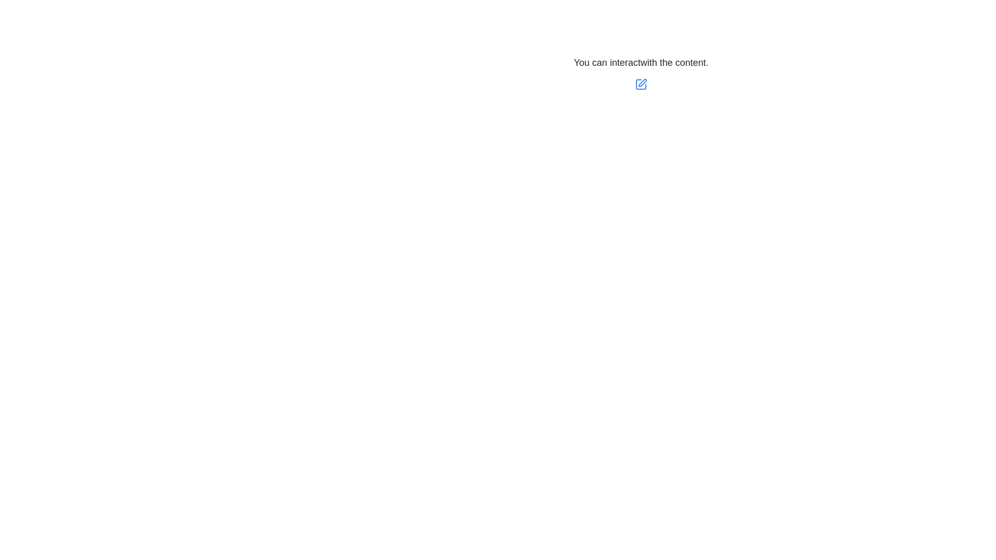 The image size is (996, 560). What do you see at coordinates (625, 62) in the screenshot?
I see `the text element displaying the word 'interact' in a sans-serif font, which is the third word in the sentence 'You can interact with the content.'` at bounding box center [625, 62].